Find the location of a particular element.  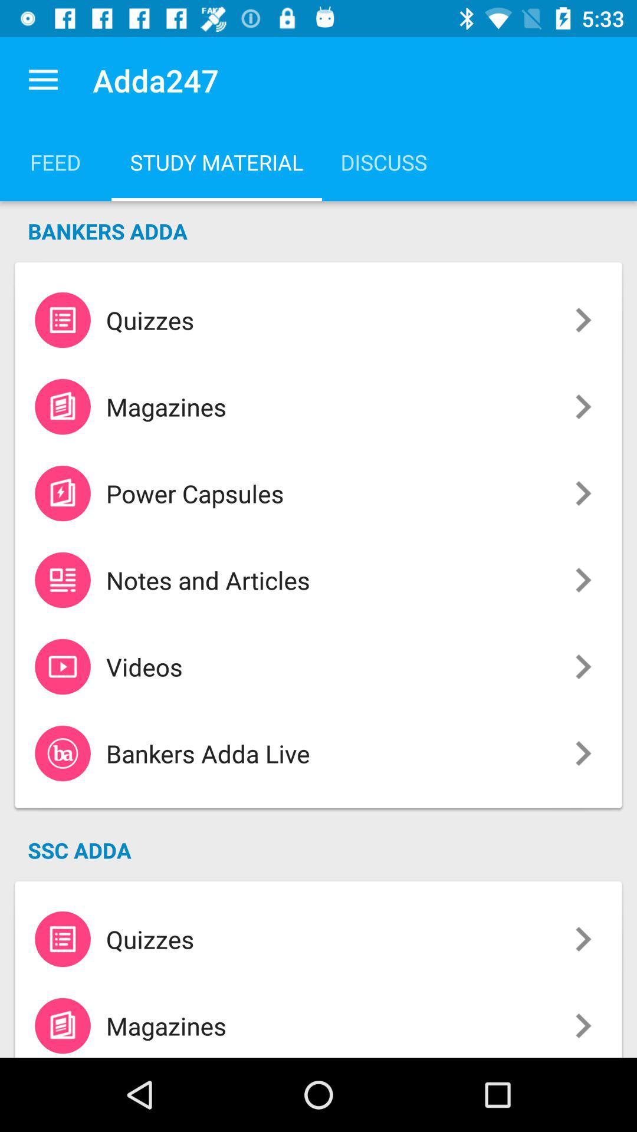

the item next to the adda247 is located at coordinates (42, 80).